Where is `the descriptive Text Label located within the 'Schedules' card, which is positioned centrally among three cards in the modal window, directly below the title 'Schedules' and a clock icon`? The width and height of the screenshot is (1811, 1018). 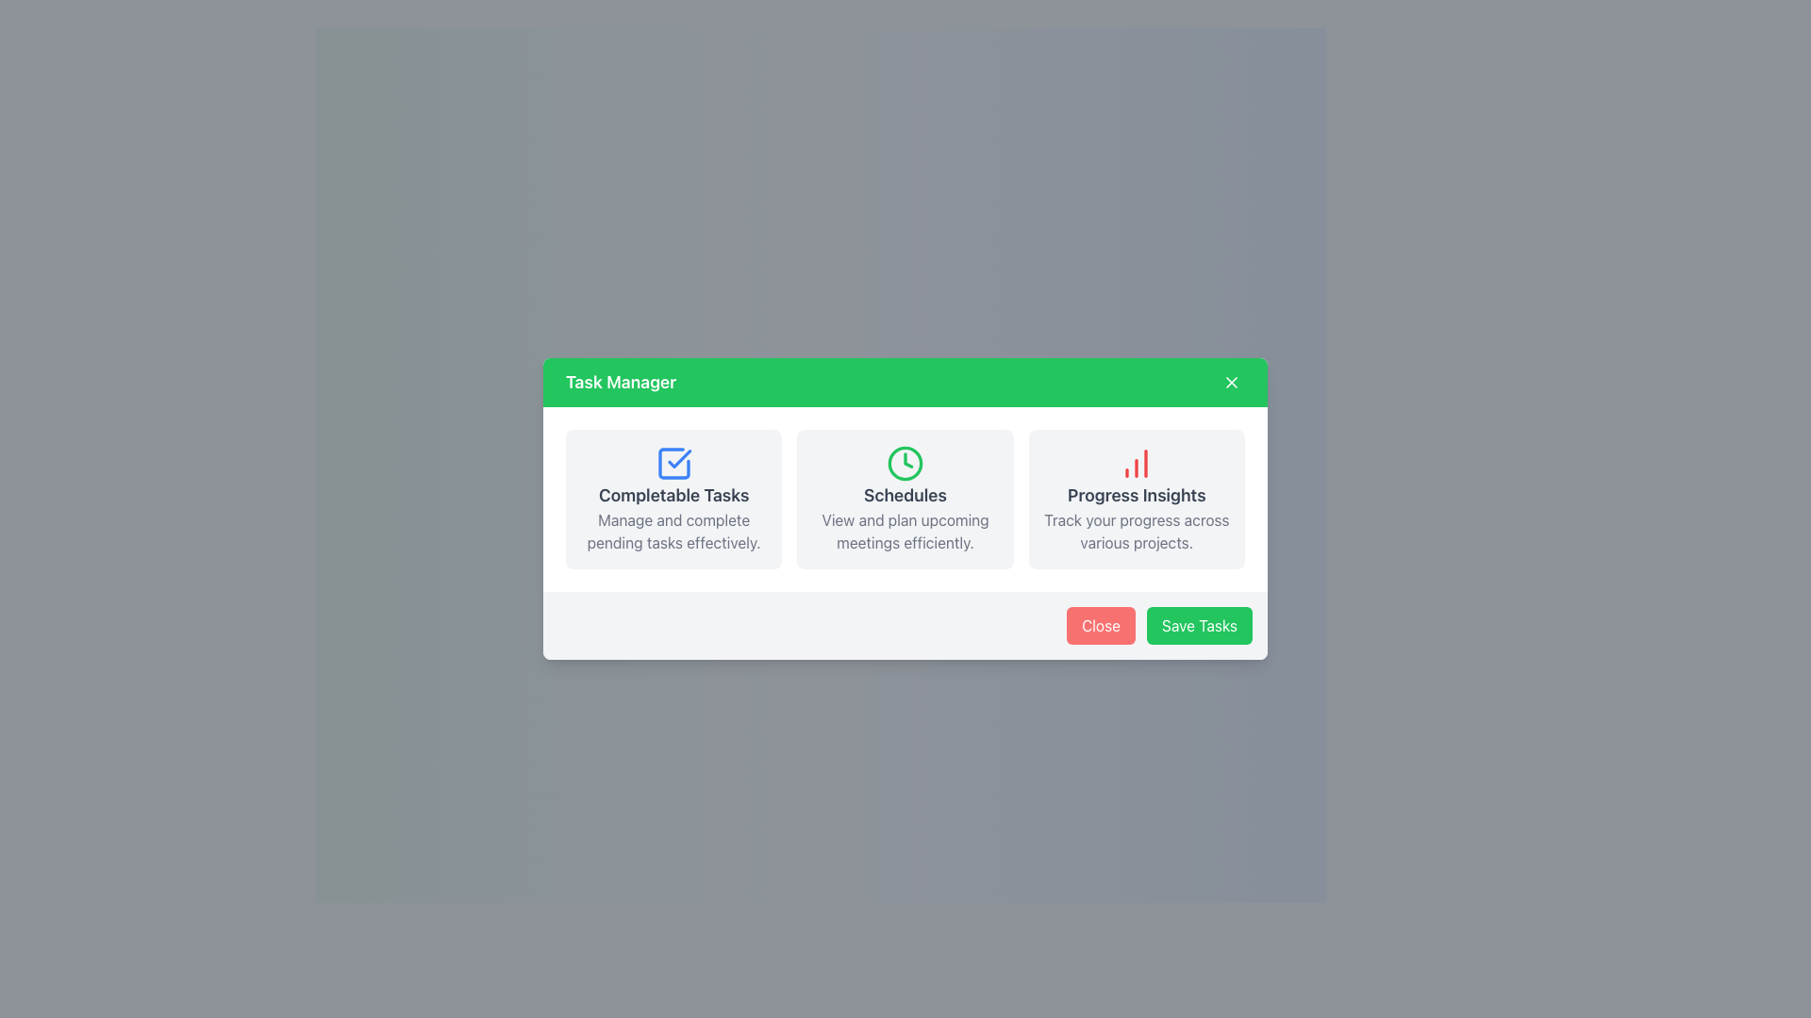
the descriptive Text Label located within the 'Schedules' card, which is positioned centrally among three cards in the modal window, directly below the title 'Schedules' and a clock icon is located at coordinates (905, 531).